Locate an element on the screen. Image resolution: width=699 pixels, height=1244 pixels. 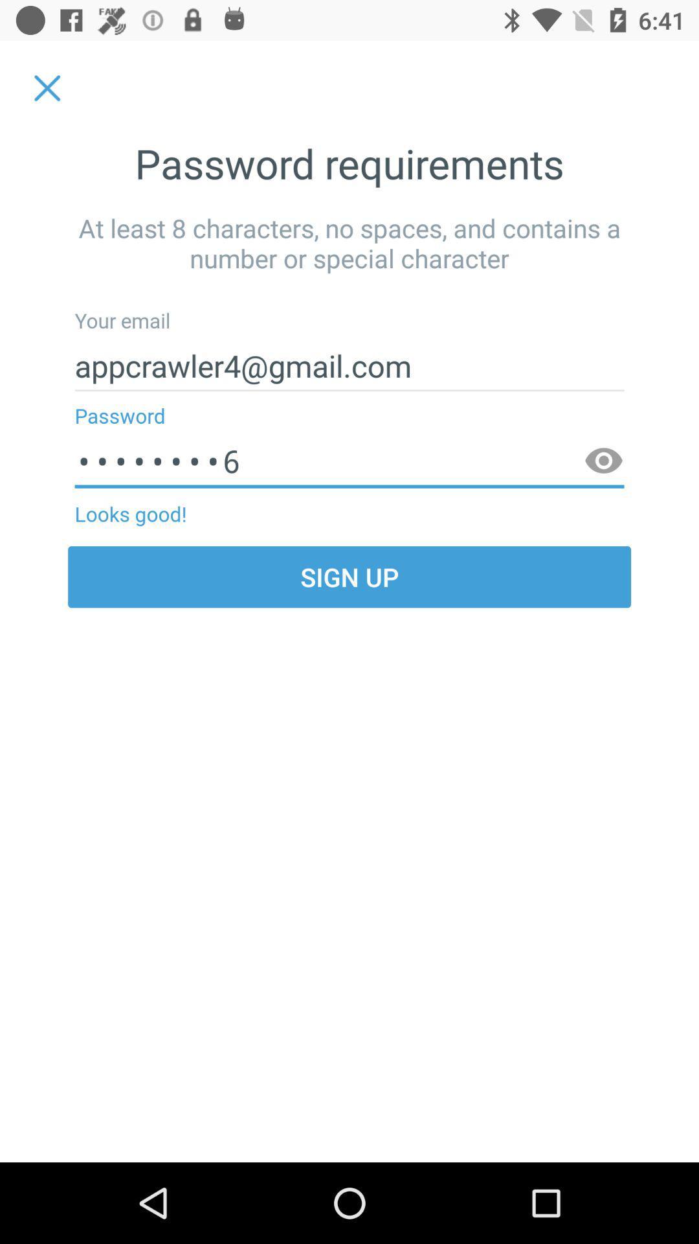
app next to looks good! is located at coordinates (604, 461).